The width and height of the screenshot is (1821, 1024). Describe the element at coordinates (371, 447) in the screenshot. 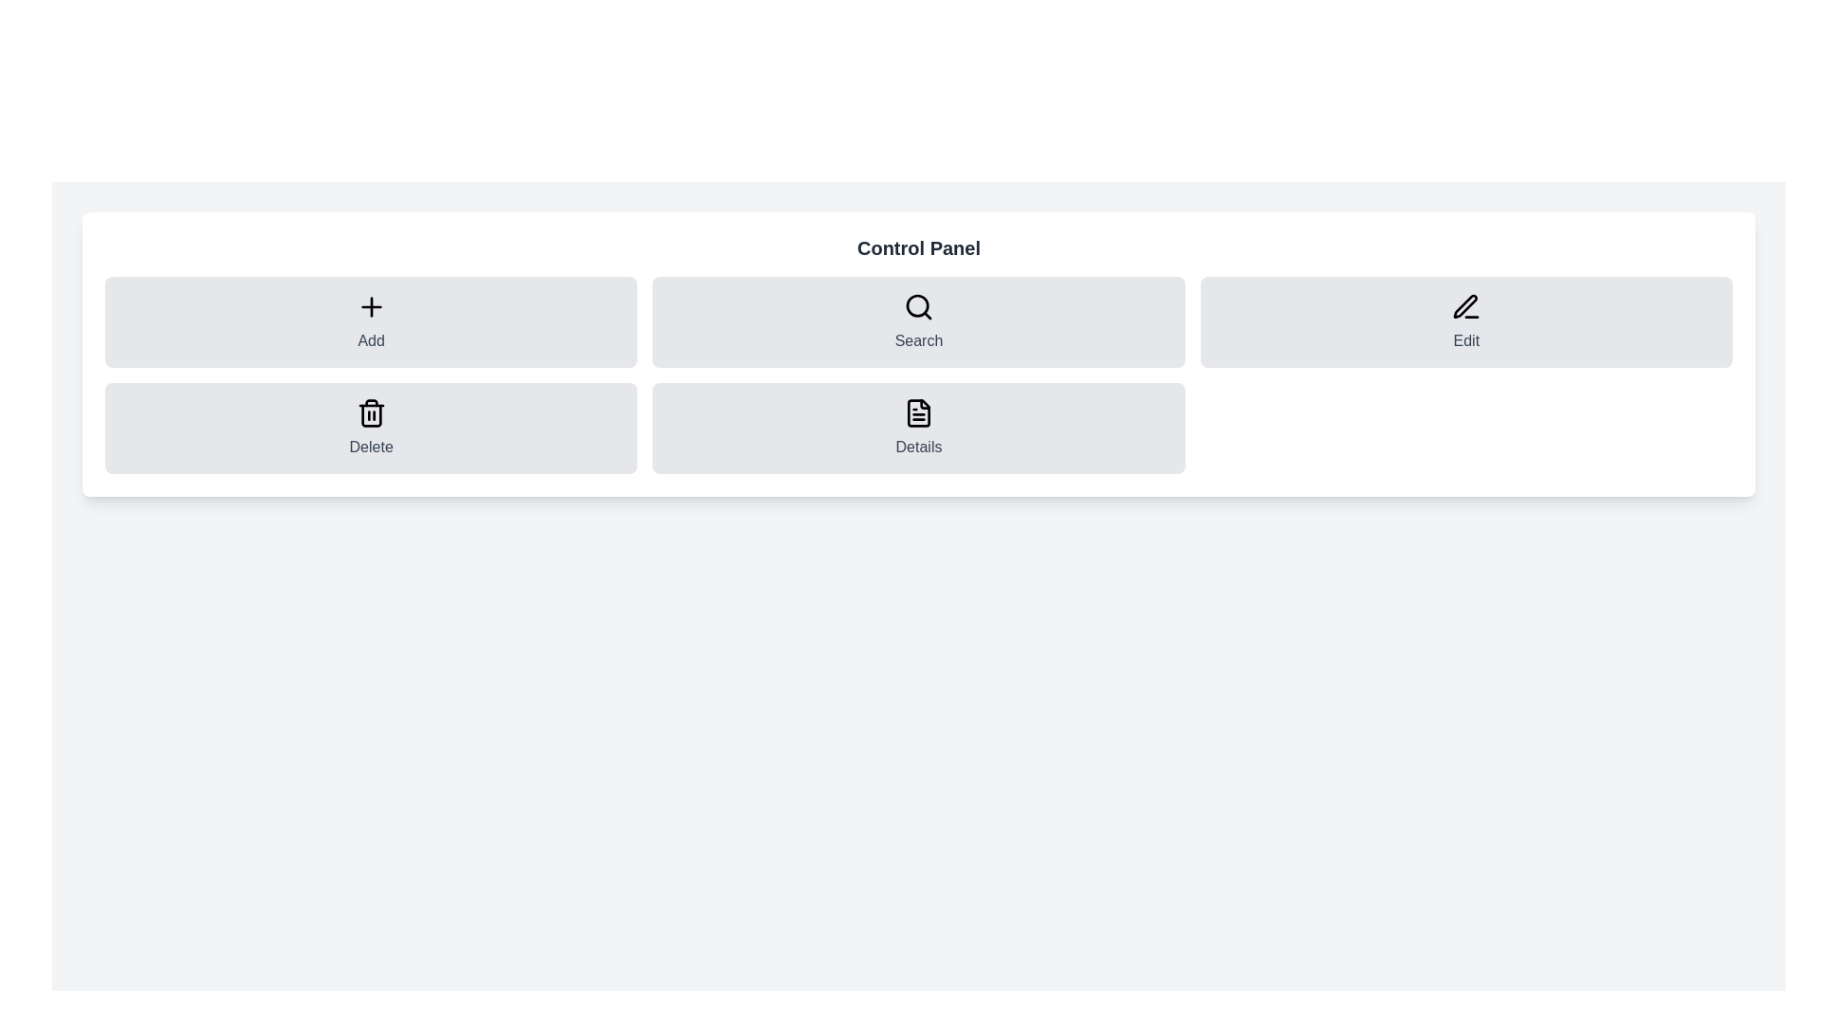

I see `the Text Label that indicates the delete action associated with the trash bin icon located in the lower left quadrant of the interface` at that location.